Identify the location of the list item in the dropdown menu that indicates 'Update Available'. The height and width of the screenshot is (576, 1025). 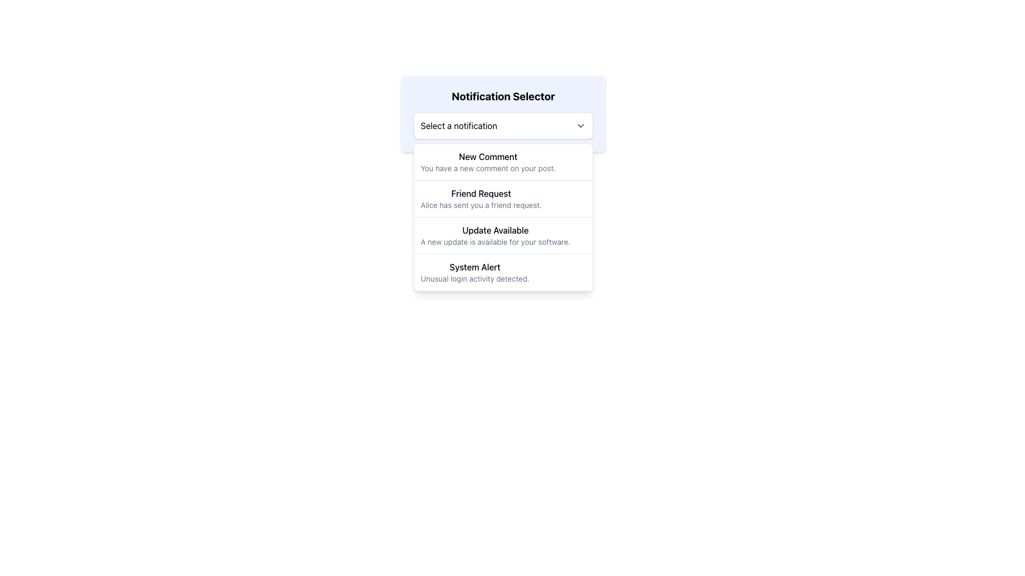
(502, 235).